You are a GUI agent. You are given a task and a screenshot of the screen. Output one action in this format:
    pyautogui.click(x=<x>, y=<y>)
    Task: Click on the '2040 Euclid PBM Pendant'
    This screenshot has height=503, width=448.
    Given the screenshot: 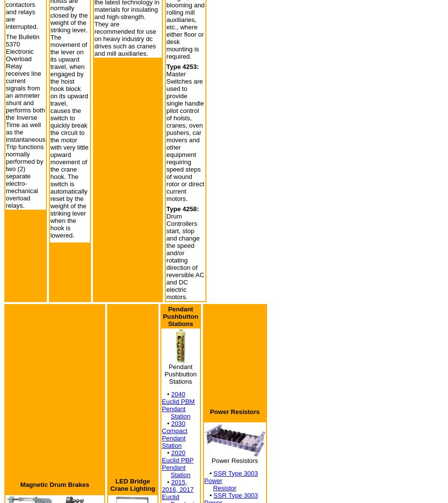 What is the action you would take?
    pyautogui.click(x=161, y=401)
    